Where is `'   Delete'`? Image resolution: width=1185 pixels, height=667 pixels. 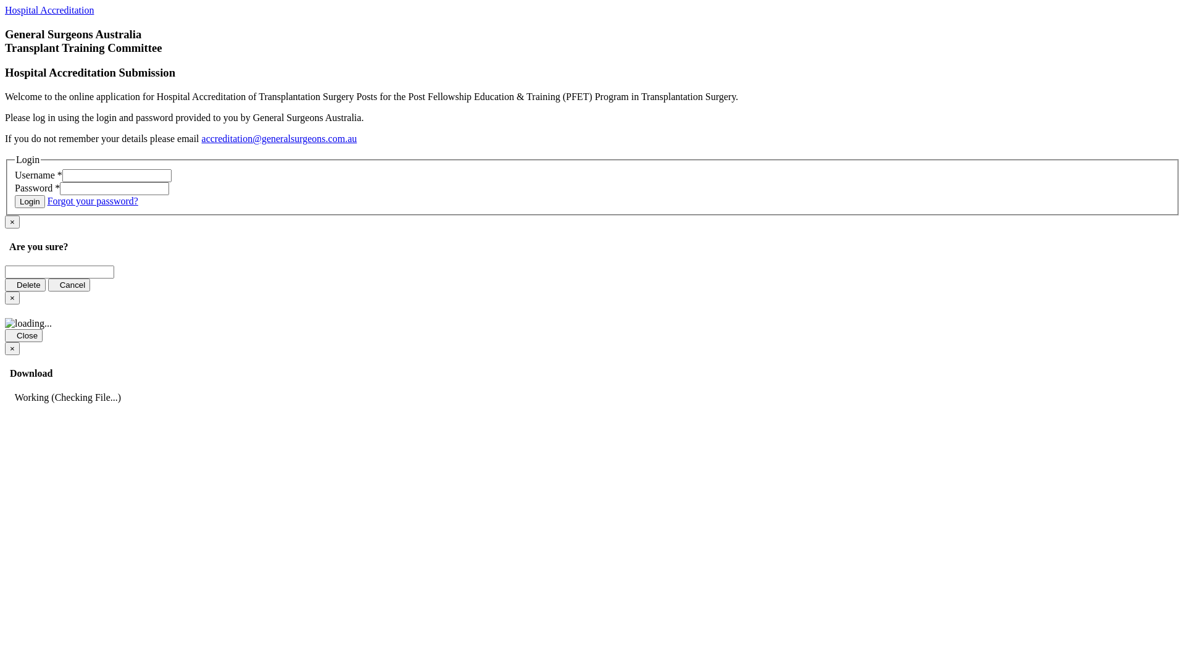
'   Delete' is located at coordinates (25, 285).